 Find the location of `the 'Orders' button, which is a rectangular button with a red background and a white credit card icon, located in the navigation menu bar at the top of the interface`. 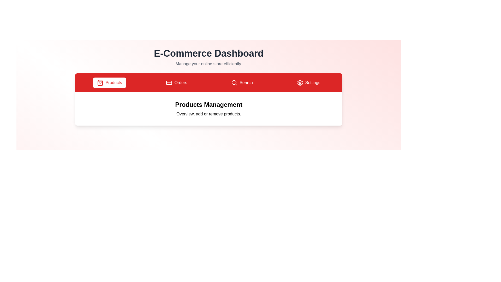

the 'Orders' button, which is a rectangular button with a red background and a white credit card icon, located in the navigation menu bar at the top of the interface is located at coordinates (176, 82).